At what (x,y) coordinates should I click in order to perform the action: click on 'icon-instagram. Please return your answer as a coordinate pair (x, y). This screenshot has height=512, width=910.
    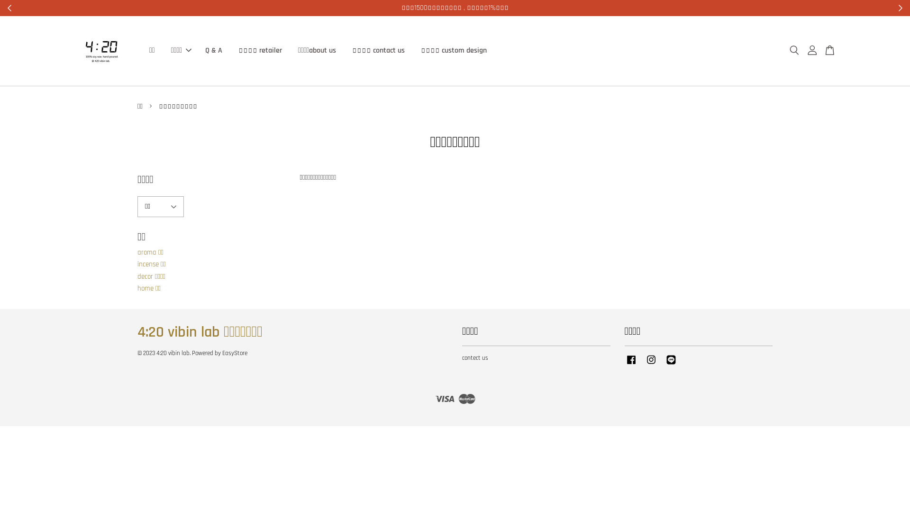
    Looking at the image, I should click on (650, 364).